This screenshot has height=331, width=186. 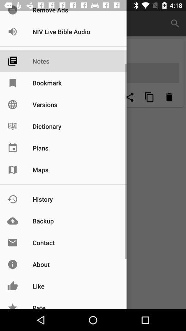 What do you see at coordinates (149, 97) in the screenshot?
I see `copy to clipboard` at bounding box center [149, 97].